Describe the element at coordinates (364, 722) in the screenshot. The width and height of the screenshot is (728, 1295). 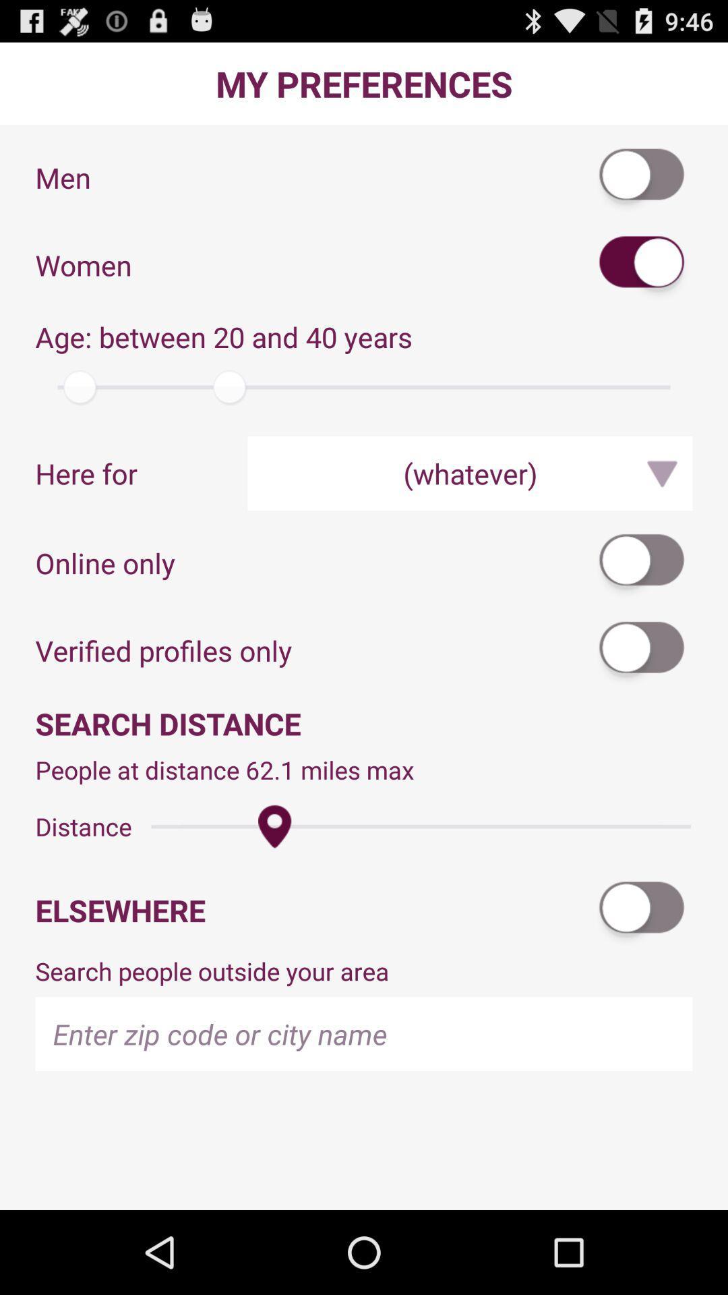
I see `the search distance app` at that location.